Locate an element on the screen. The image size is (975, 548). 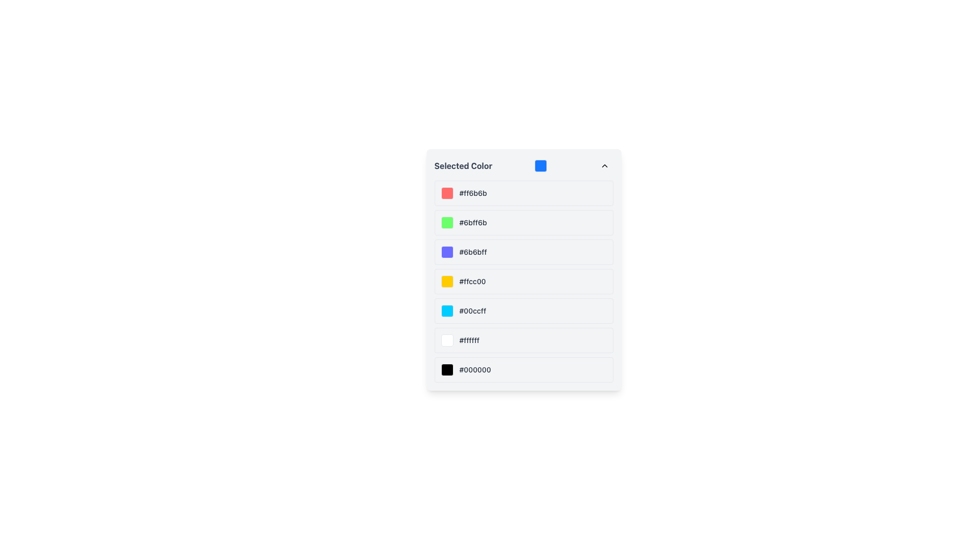
the upward-pointing chevron arrow icon button located to the far-right of the interface header for 'Selected Color' is located at coordinates (604, 165).